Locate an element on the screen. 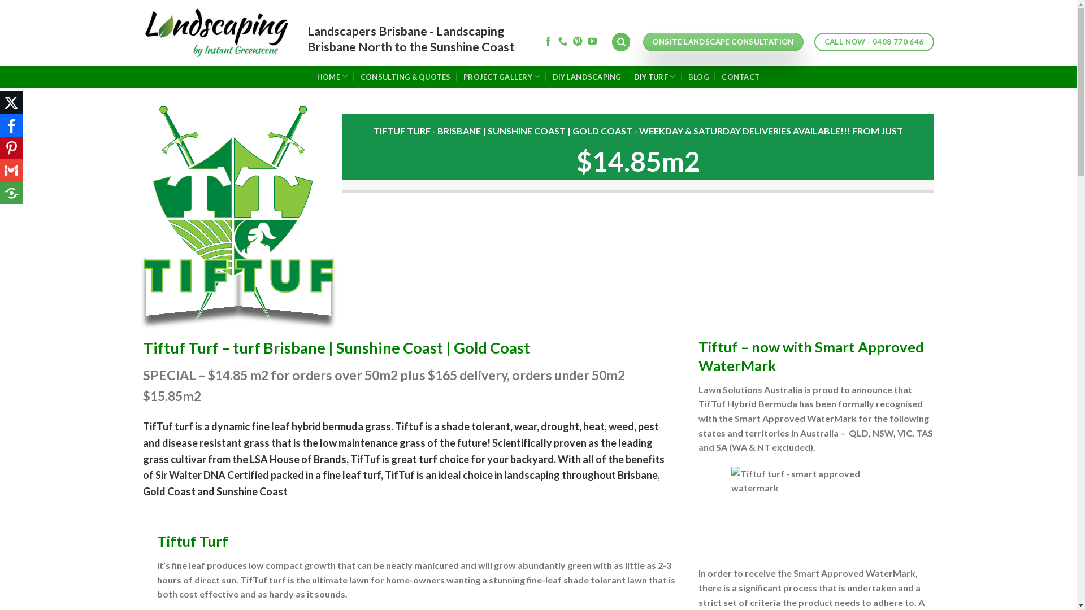 Image resolution: width=1085 pixels, height=610 pixels. 'CALL NOW - 0408 770 646' is located at coordinates (814, 41).